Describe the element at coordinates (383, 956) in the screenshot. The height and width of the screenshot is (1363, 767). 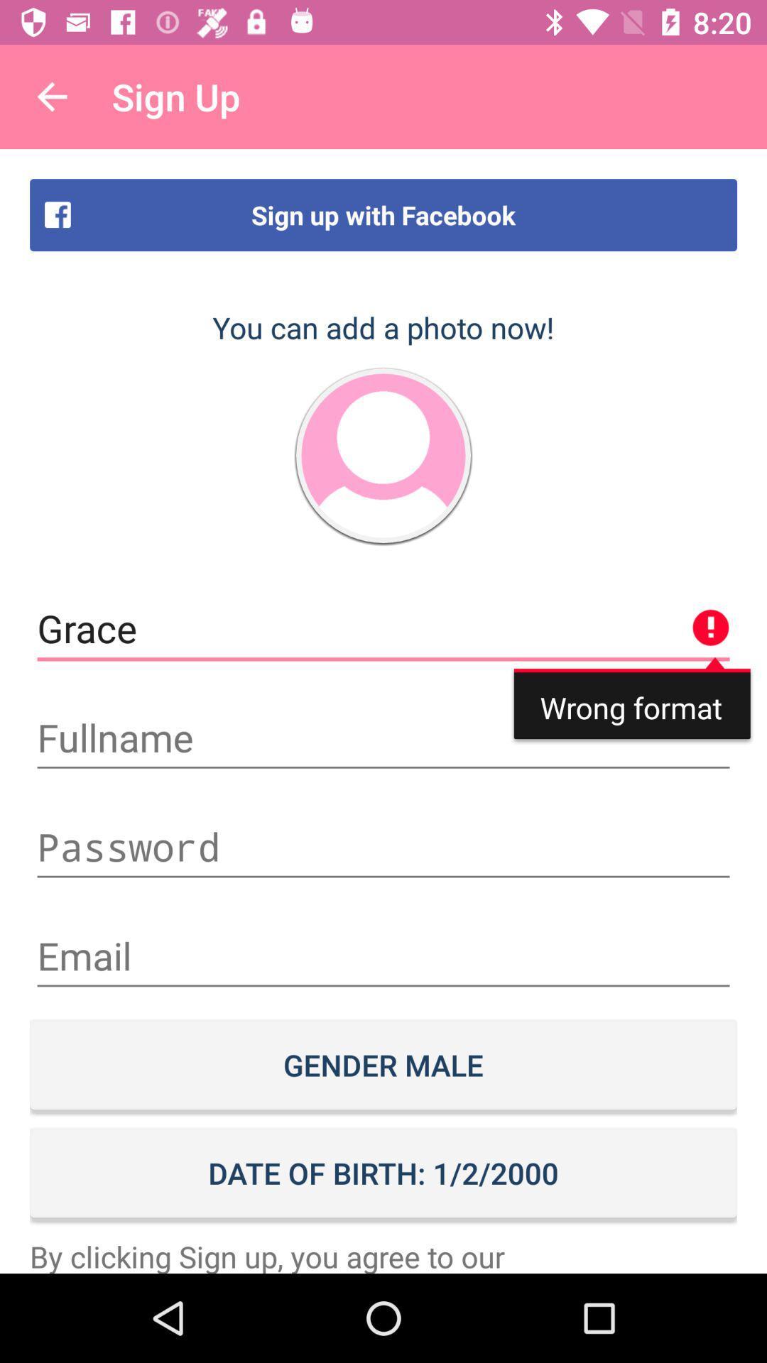
I see `text box` at that location.